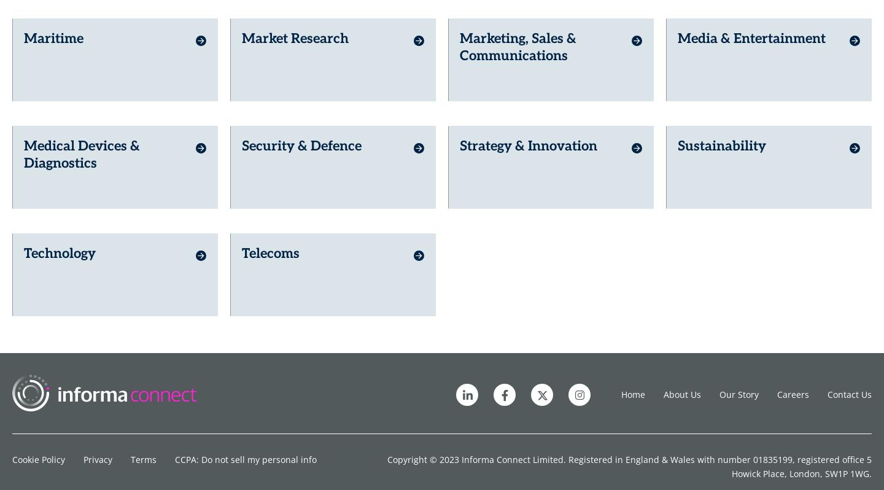 This screenshot has width=884, height=490. I want to click on 'Privacy', so click(97, 450).